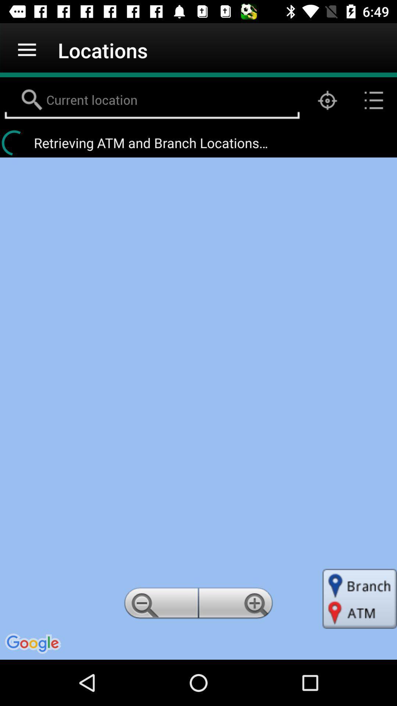 The image size is (397, 706). What do you see at coordinates (327, 100) in the screenshot?
I see `the icon above retrieving atm and icon` at bounding box center [327, 100].